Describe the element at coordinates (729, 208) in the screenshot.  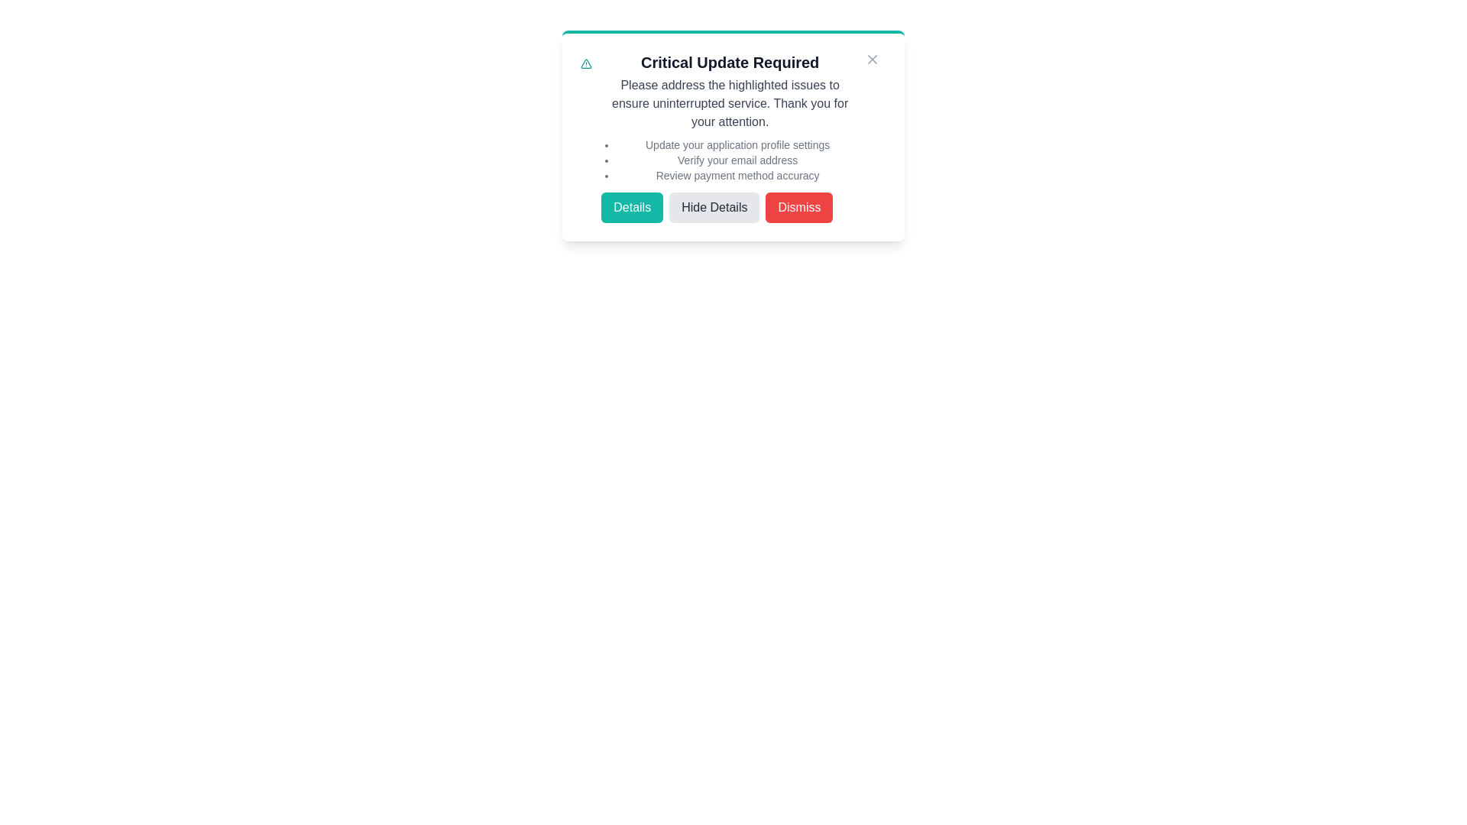
I see `the button that is positioned between the 'Details' button and the 'Dismiss' button in the modal to observe potential effects such as a color change` at that location.